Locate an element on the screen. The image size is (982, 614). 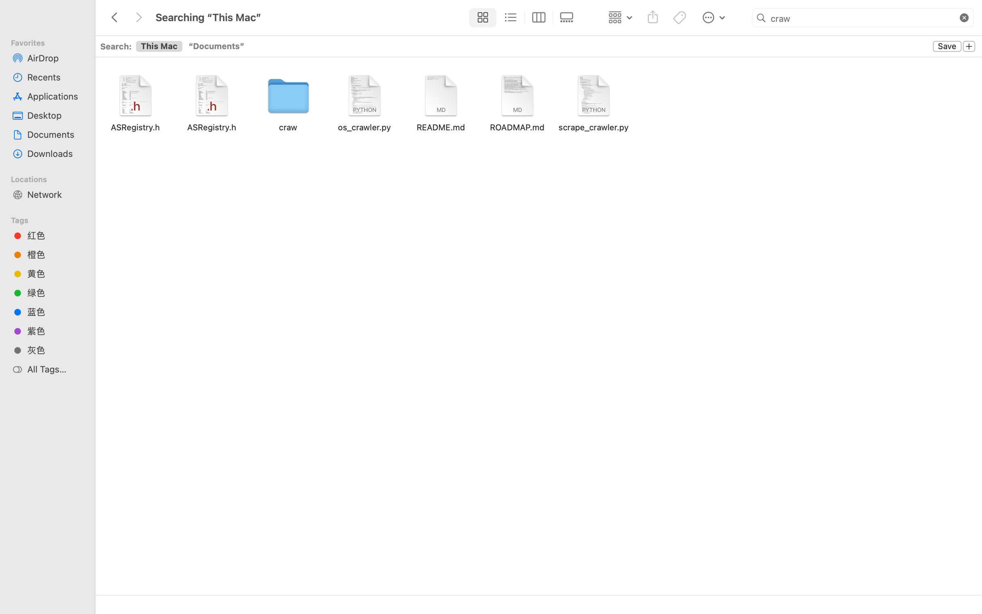
'Desktop' is located at coordinates (54, 115).